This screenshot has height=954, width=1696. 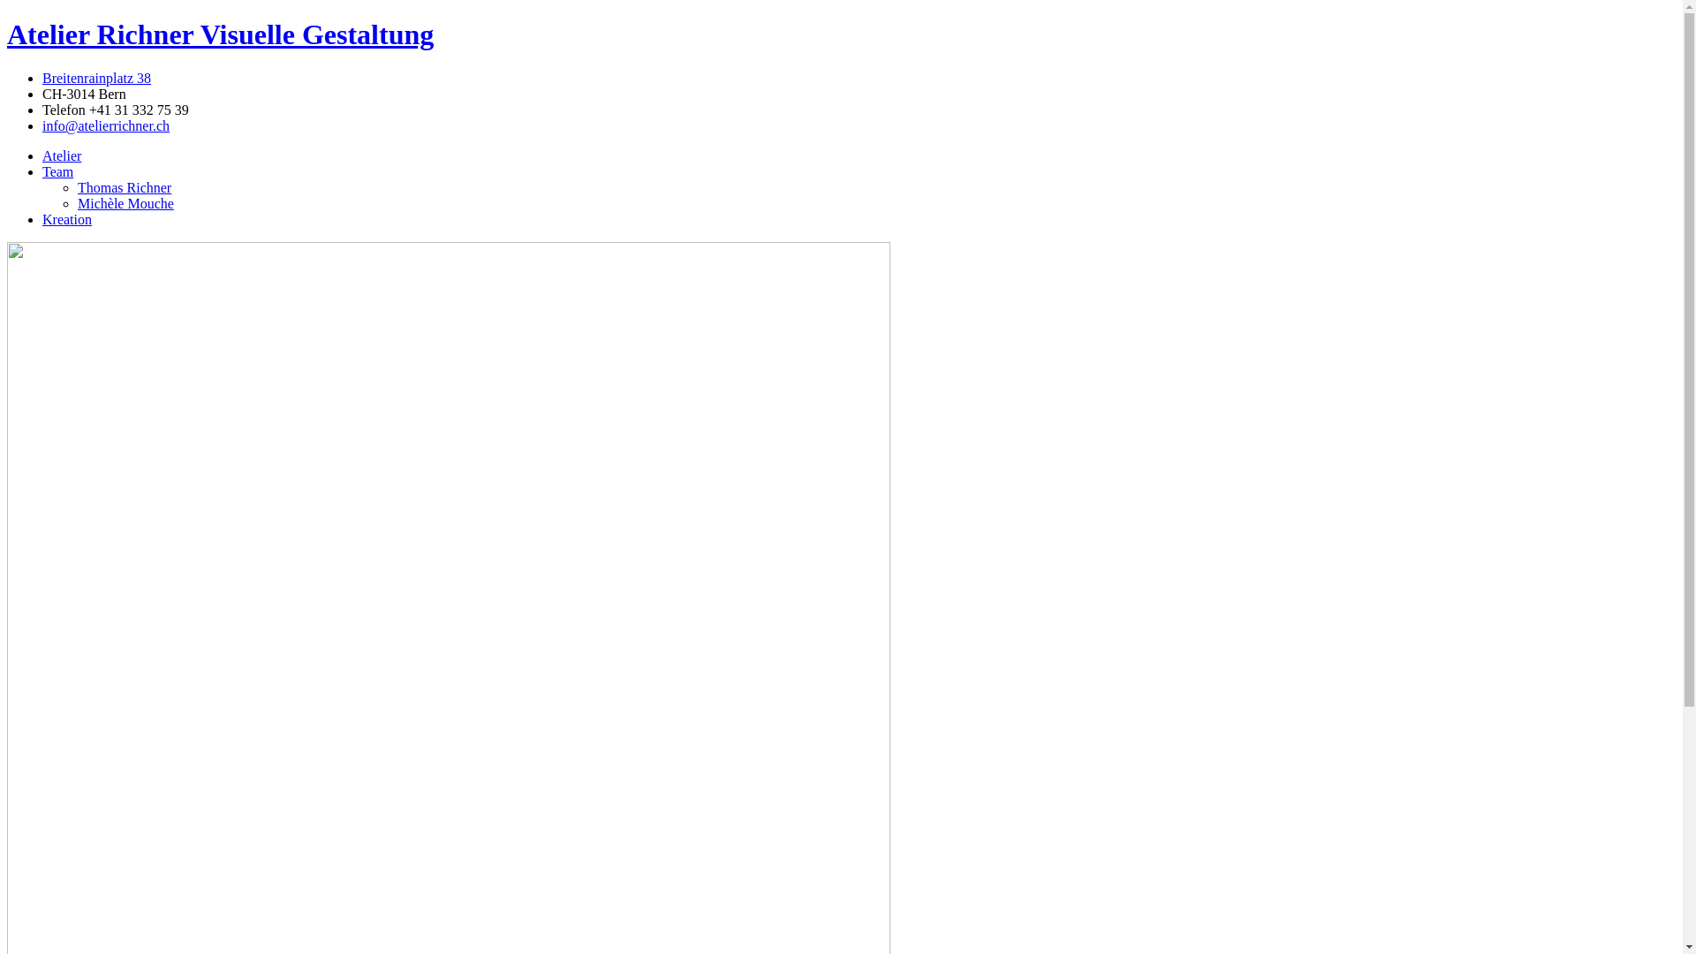 What do you see at coordinates (95, 77) in the screenshot?
I see `'Breitenrainplatz 38'` at bounding box center [95, 77].